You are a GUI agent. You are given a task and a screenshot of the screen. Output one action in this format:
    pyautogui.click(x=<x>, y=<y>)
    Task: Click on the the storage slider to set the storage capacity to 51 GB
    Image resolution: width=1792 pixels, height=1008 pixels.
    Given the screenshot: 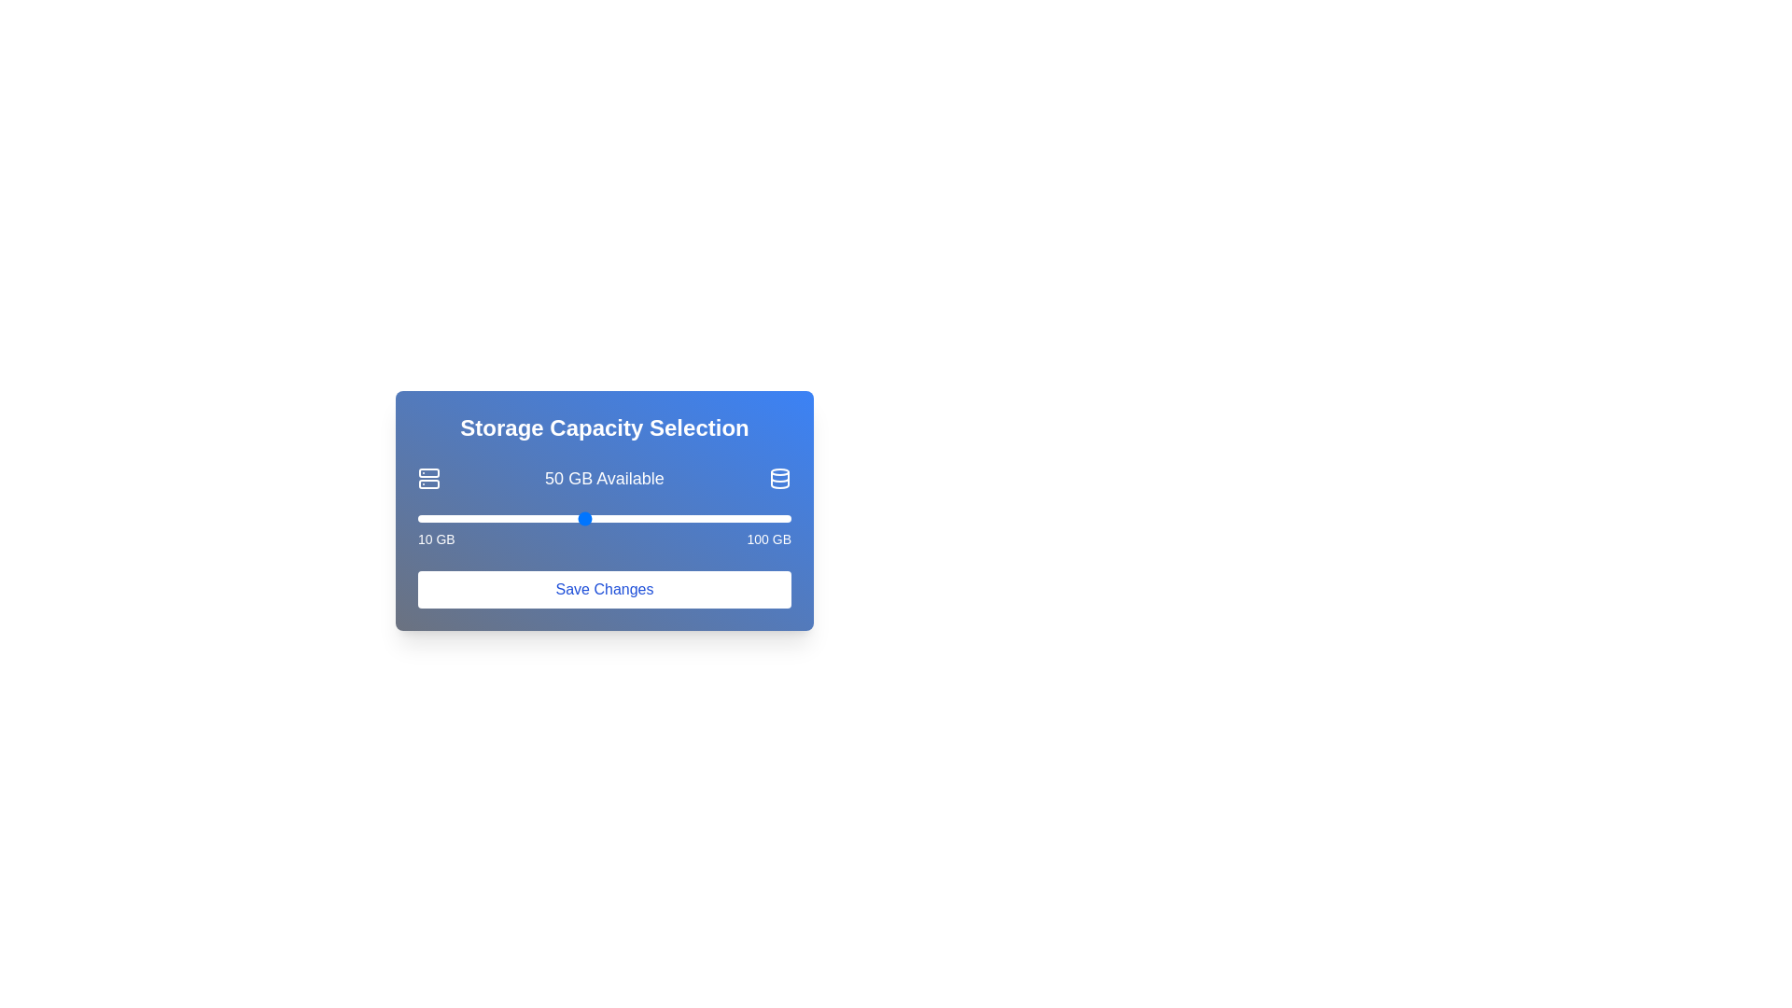 What is the action you would take?
    pyautogui.click(x=587, y=518)
    